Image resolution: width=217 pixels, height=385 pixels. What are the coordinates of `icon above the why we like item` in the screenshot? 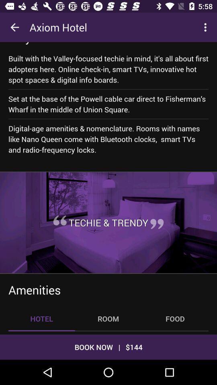 It's located at (14, 27).